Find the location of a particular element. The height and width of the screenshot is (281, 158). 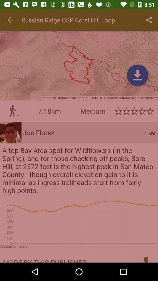

the icon next to the russian ridge osp item is located at coordinates (11, 20).